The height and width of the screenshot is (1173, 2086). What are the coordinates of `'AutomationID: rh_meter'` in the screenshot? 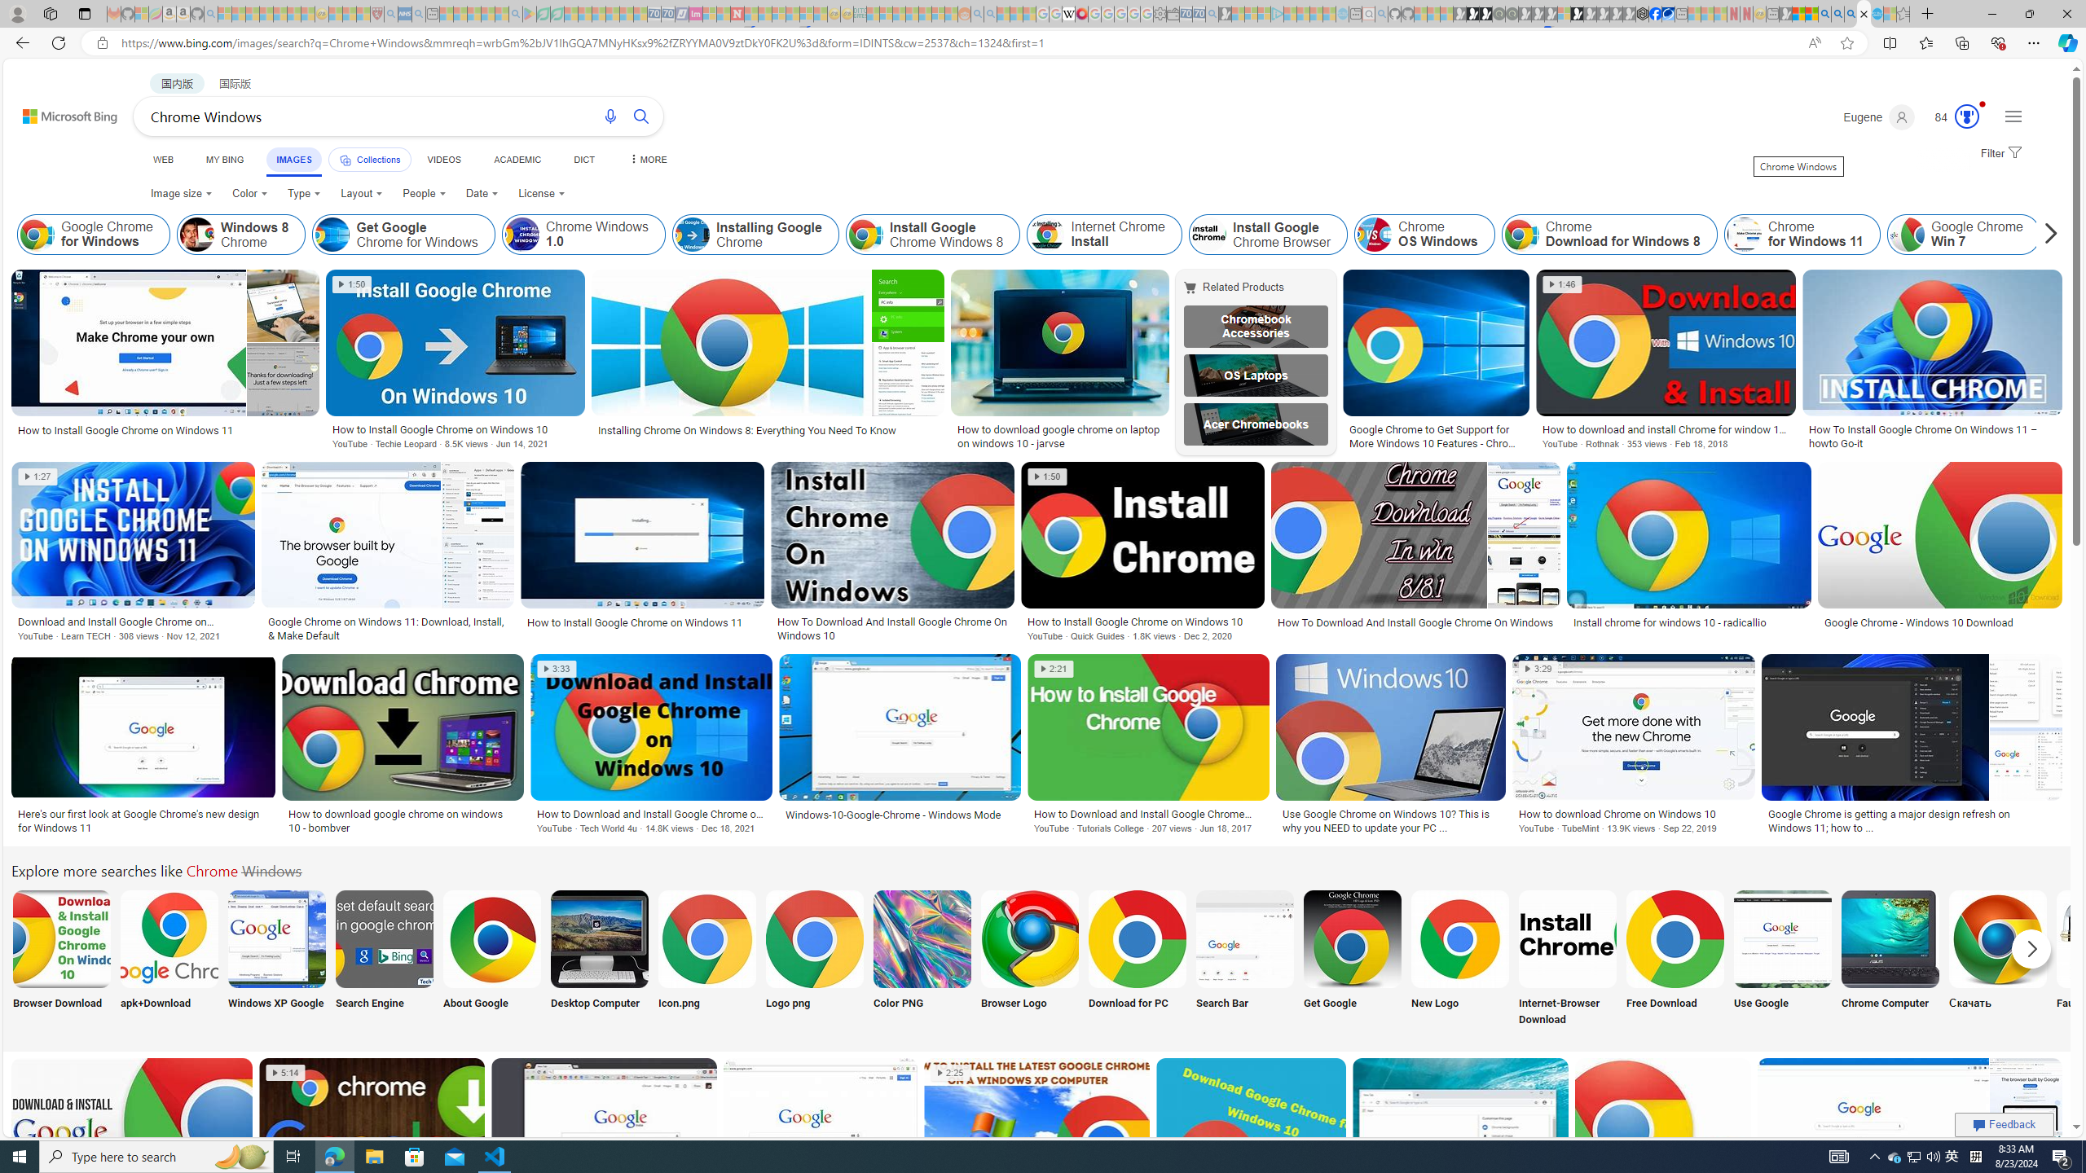 It's located at (1966, 115).